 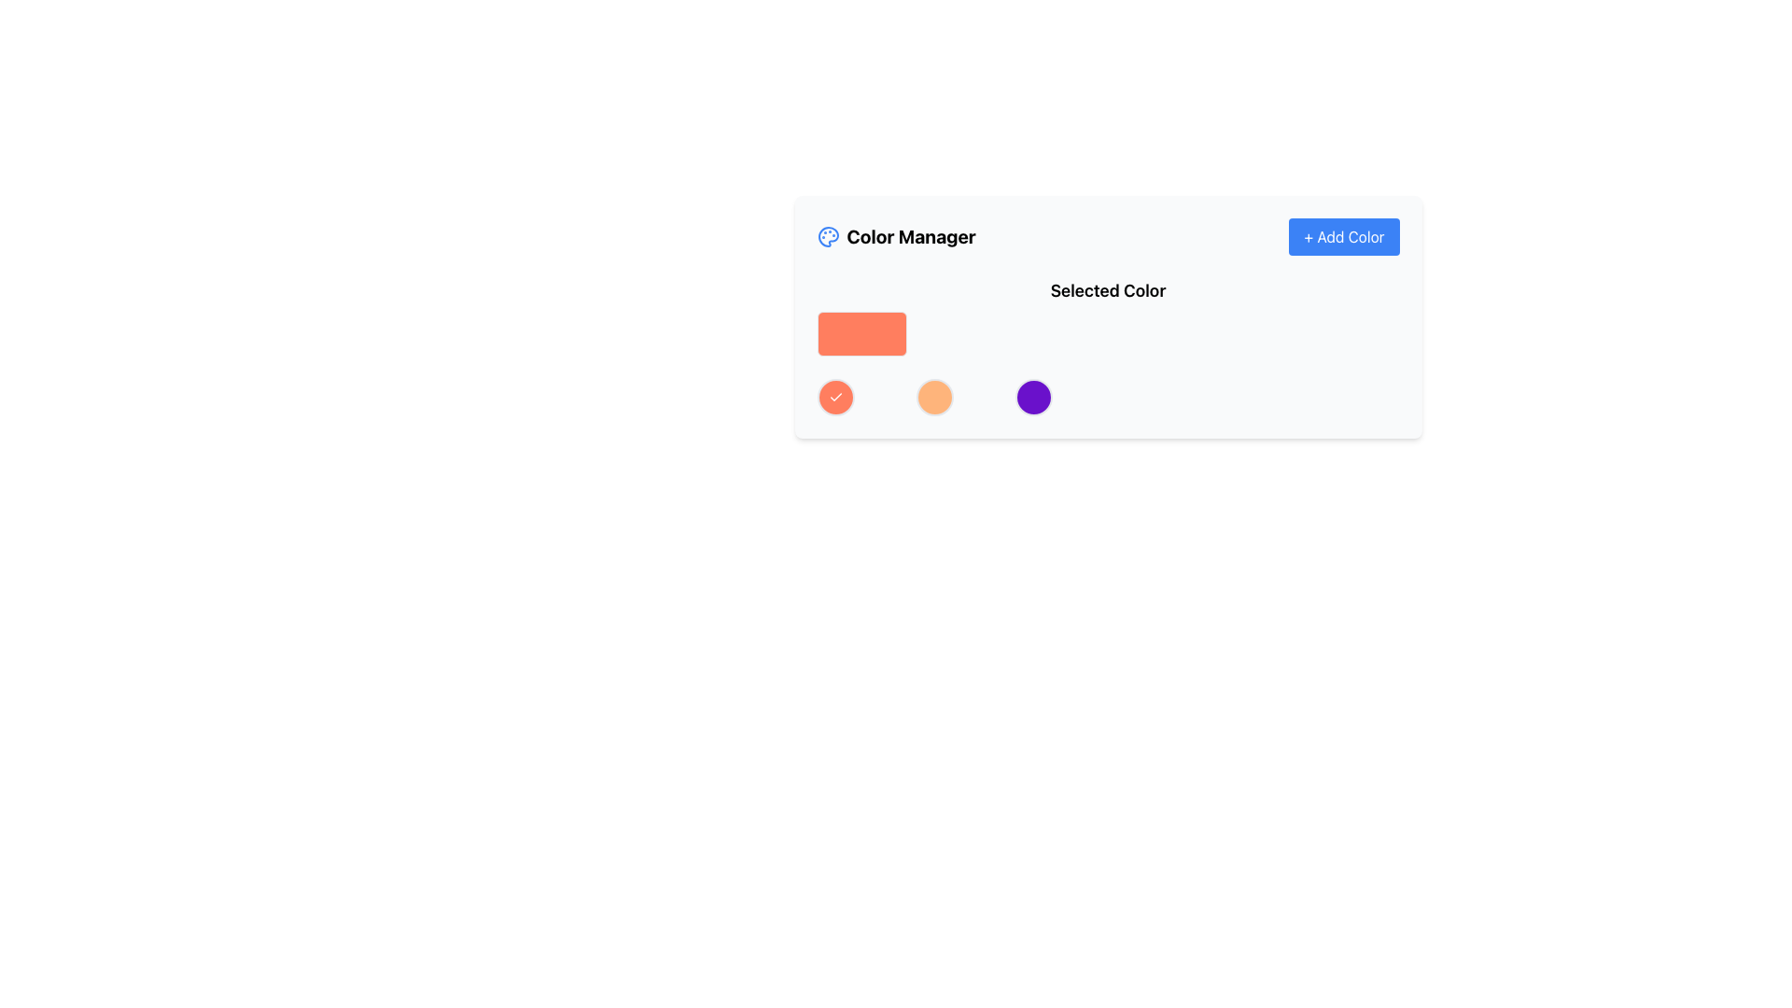 I want to click on the circular, purple-colored button in the color selection grid, so click(x=1032, y=396).